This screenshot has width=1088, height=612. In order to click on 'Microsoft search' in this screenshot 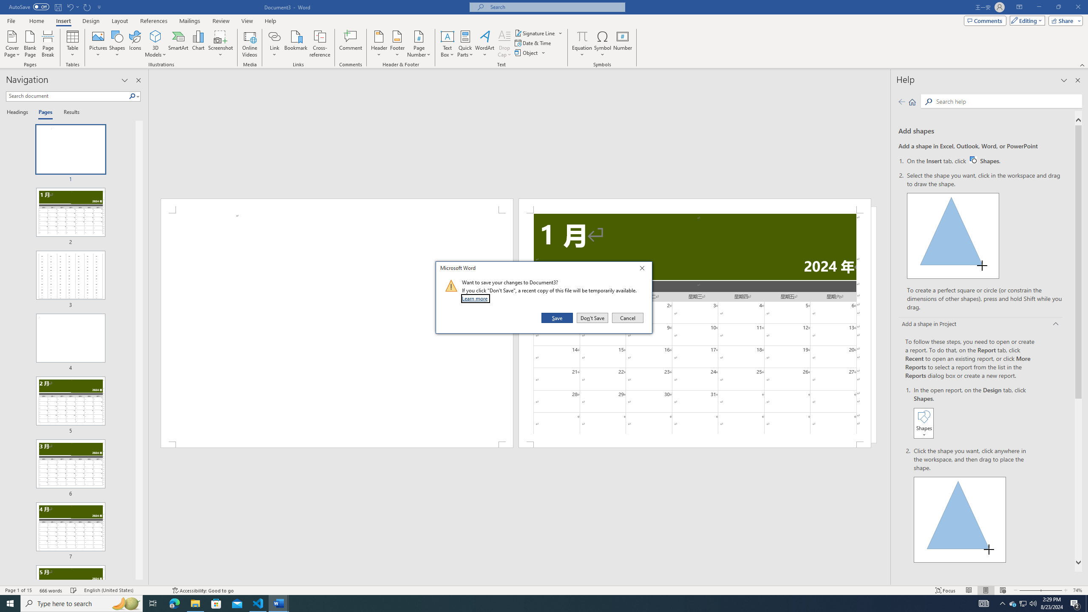, I will do `click(554, 7)`.